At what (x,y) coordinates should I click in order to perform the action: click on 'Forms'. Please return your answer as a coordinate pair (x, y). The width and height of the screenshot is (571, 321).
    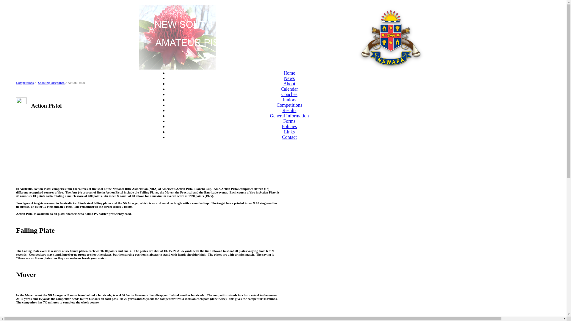
    Looking at the image, I should click on (283, 121).